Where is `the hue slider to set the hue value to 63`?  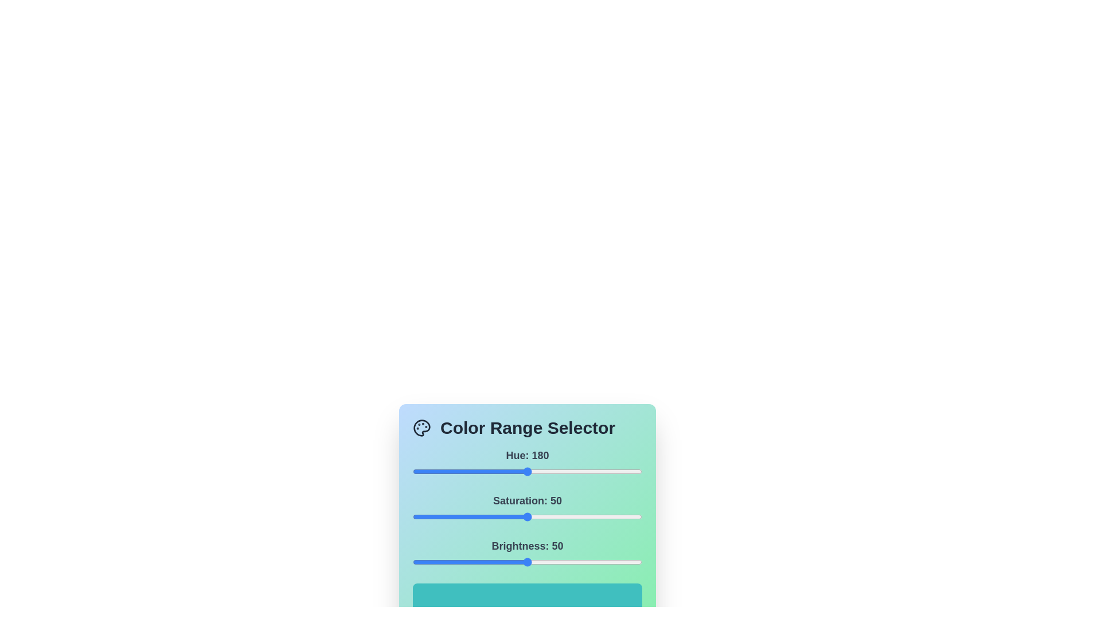
the hue slider to set the hue value to 63 is located at coordinates (452, 471).